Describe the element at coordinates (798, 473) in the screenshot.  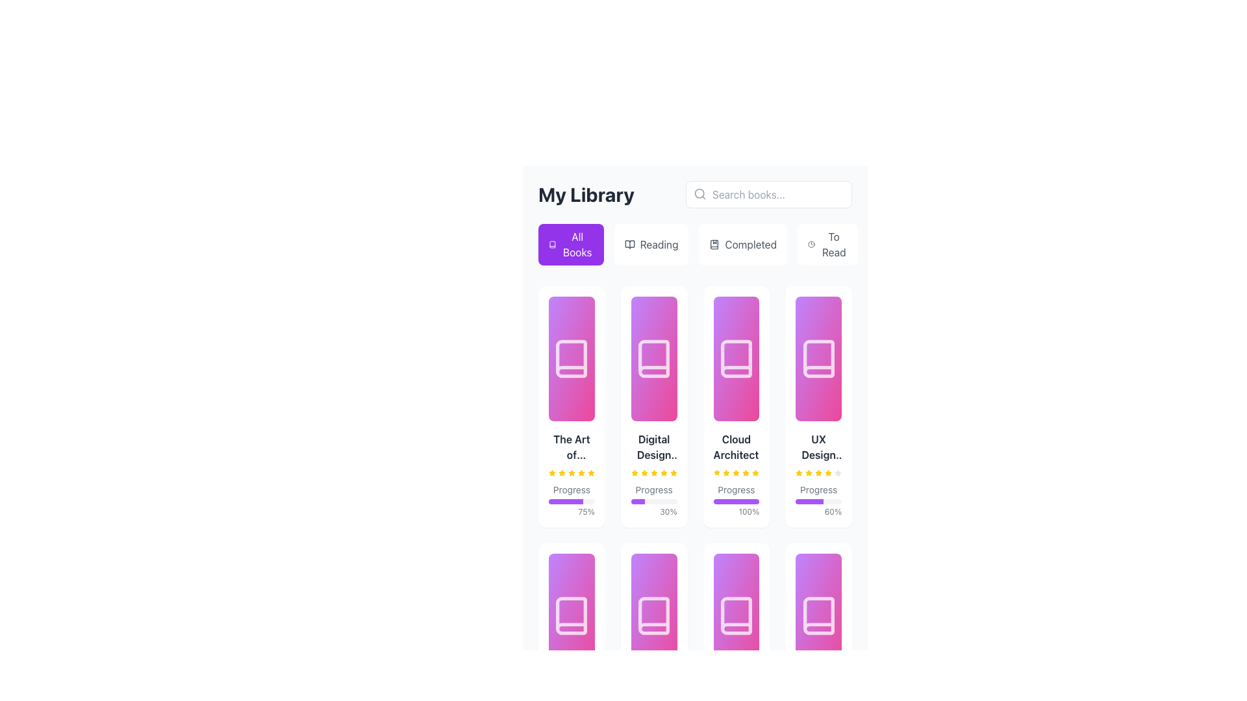
I see `the first yellow star icon in the rating section below the 'UX Design' card` at that location.